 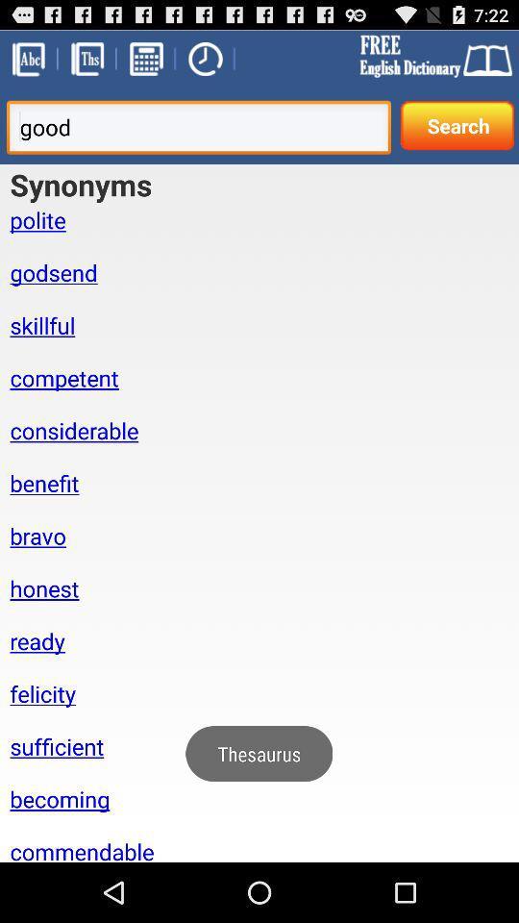 What do you see at coordinates (144, 62) in the screenshot?
I see `the date_range icon` at bounding box center [144, 62].